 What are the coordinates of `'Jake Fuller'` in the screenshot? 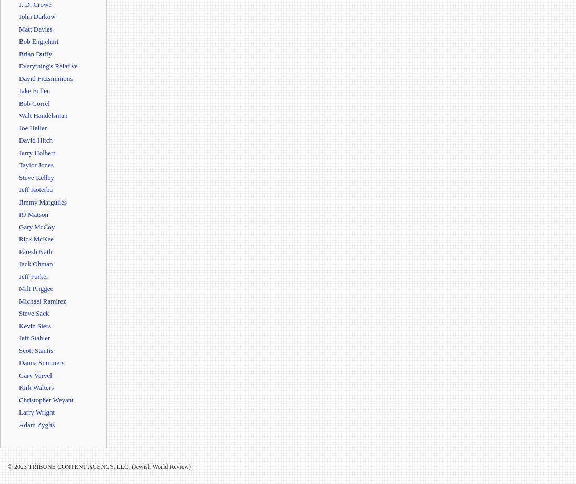 It's located at (33, 90).